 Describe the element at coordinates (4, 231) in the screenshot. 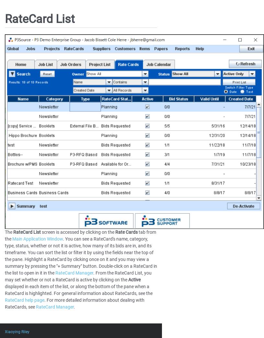

I see `'The'` at that location.